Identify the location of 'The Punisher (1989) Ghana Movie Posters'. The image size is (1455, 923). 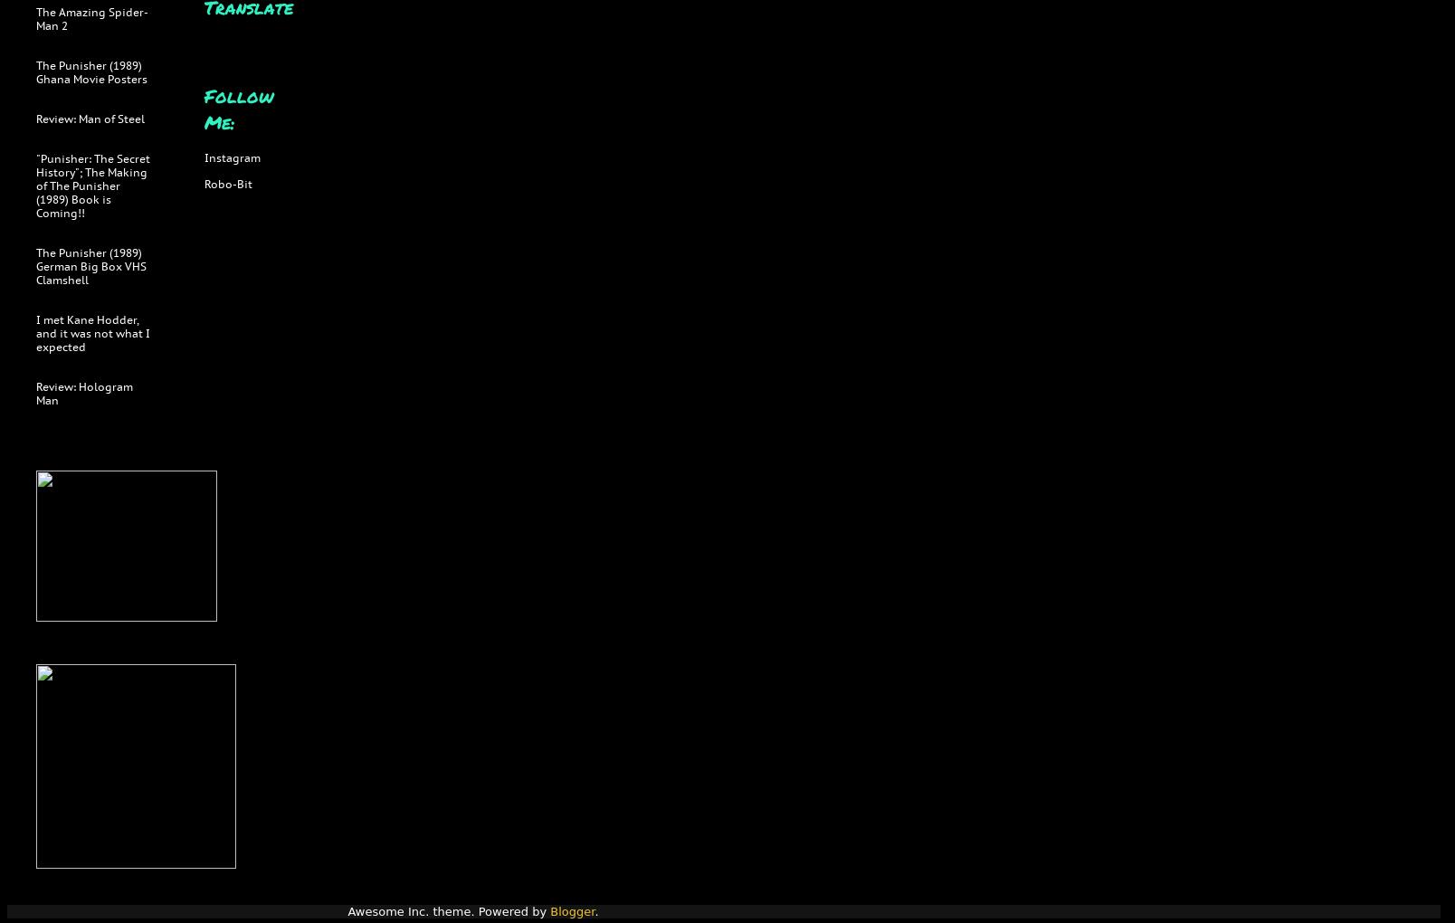
(91, 71).